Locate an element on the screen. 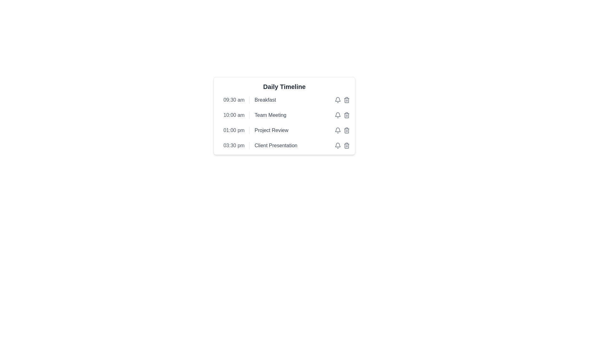  the small gray trash can icon that turns red on hover is located at coordinates (346, 115).